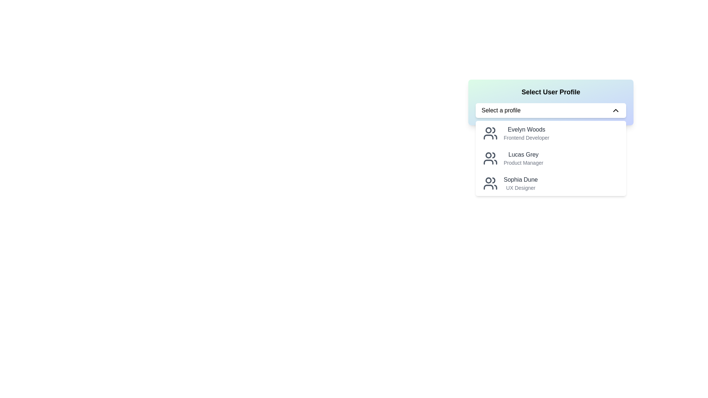 The image size is (708, 398). I want to click on the SVG Circle element located to the left of the 'Evelyn Woods' text in the dropdown list labeled 'Select a profile', so click(488, 130).